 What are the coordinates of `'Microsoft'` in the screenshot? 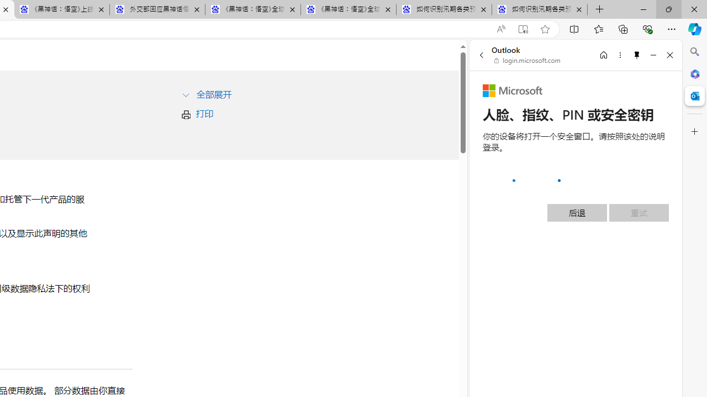 It's located at (512, 90).